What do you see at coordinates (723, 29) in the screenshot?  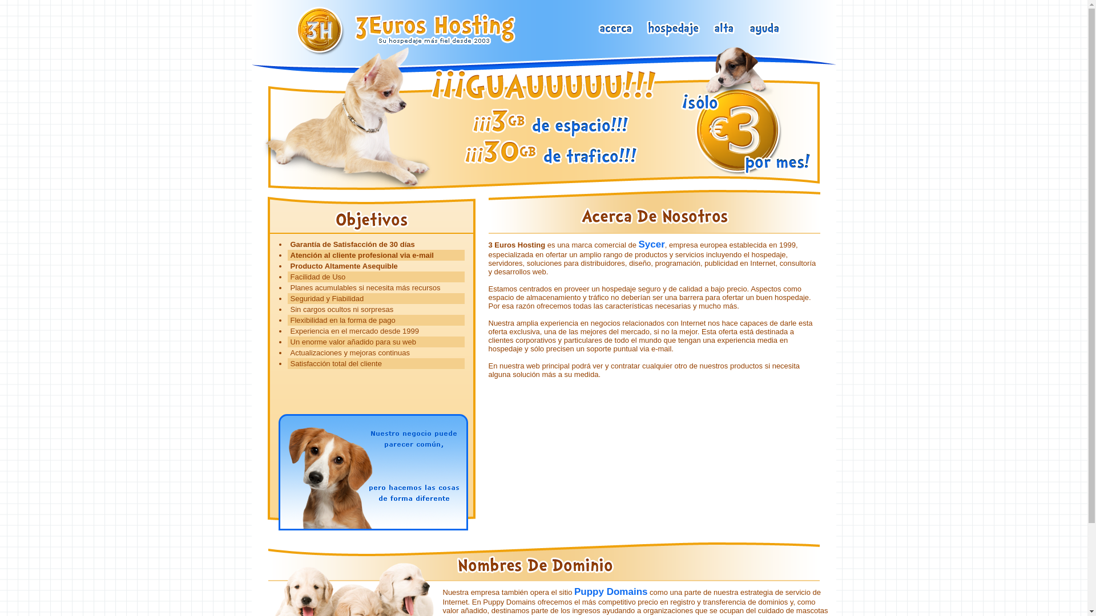 I see `'alta'` at bounding box center [723, 29].